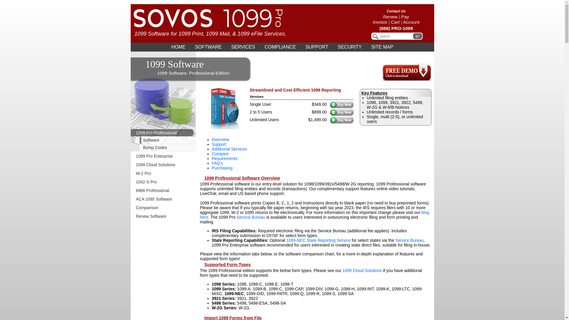  I want to click on 'SOFTWARE', so click(191, 47).